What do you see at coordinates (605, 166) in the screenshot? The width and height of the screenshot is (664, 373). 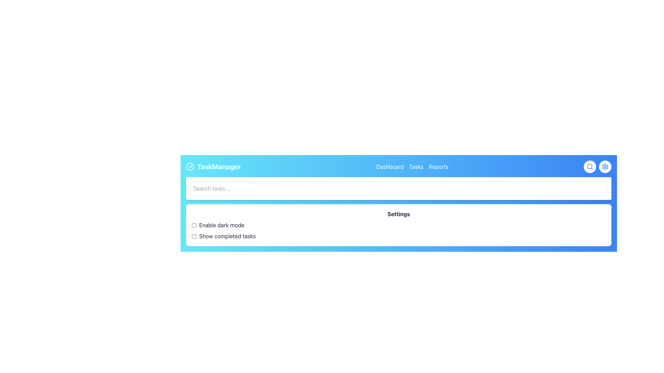 I see `the circular settings button with a blue border and a gear icon located at the top right corner of the interface` at bounding box center [605, 166].